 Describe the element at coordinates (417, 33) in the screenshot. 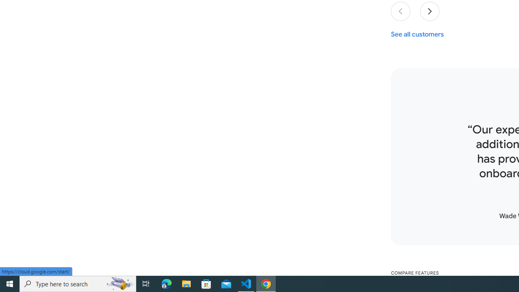

I see `'See all customers'` at that location.